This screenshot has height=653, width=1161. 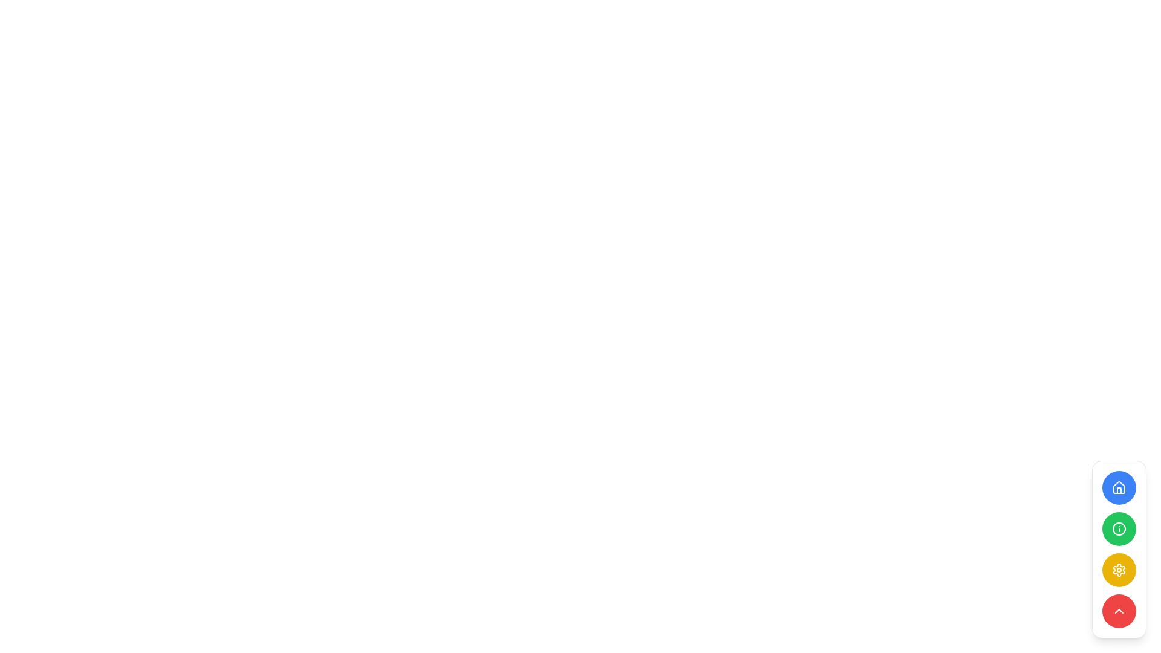 What do you see at coordinates (1119, 487) in the screenshot?
I see `the circular blue button with a house icon located on the right side of the interface` at bounding box center [1119, 487].